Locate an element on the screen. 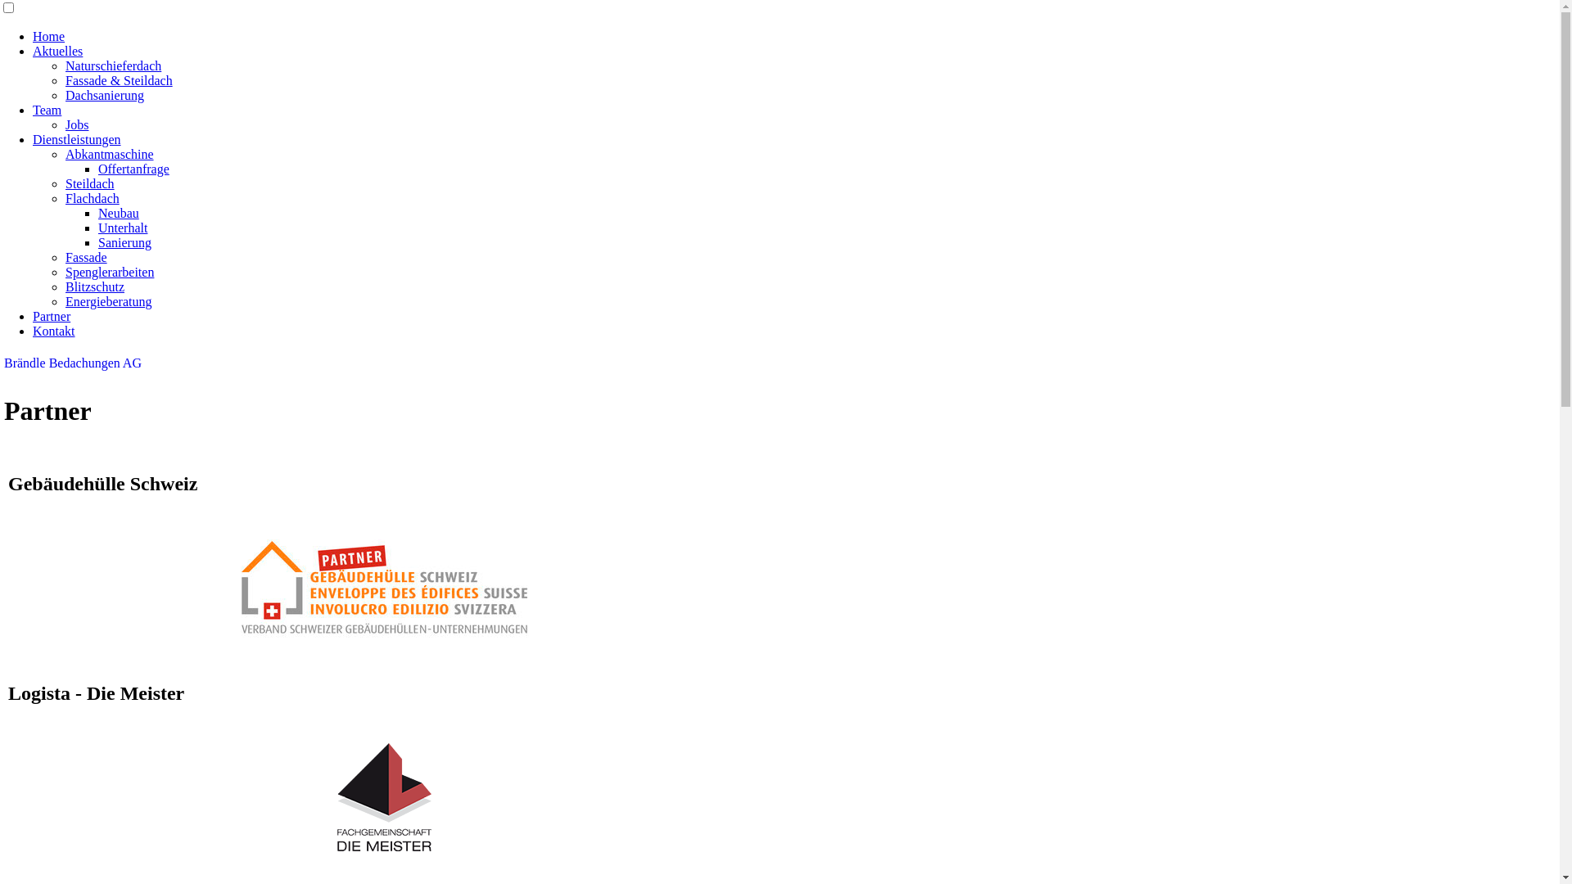 This screenshot has height=884, width=1572. 'Unterhalt' is located at coordinates (121, 228).